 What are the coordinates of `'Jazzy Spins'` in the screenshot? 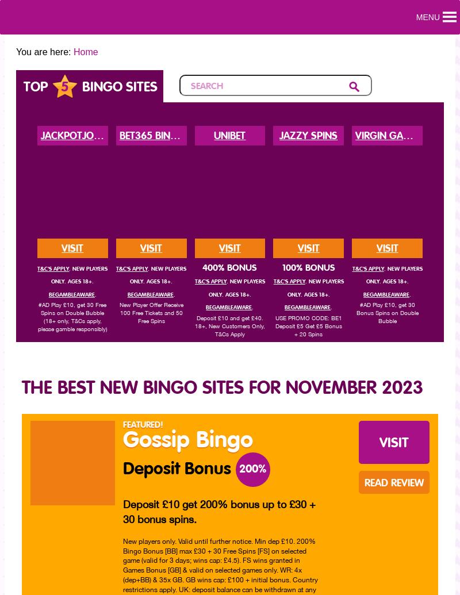 It's located at (279, 135).